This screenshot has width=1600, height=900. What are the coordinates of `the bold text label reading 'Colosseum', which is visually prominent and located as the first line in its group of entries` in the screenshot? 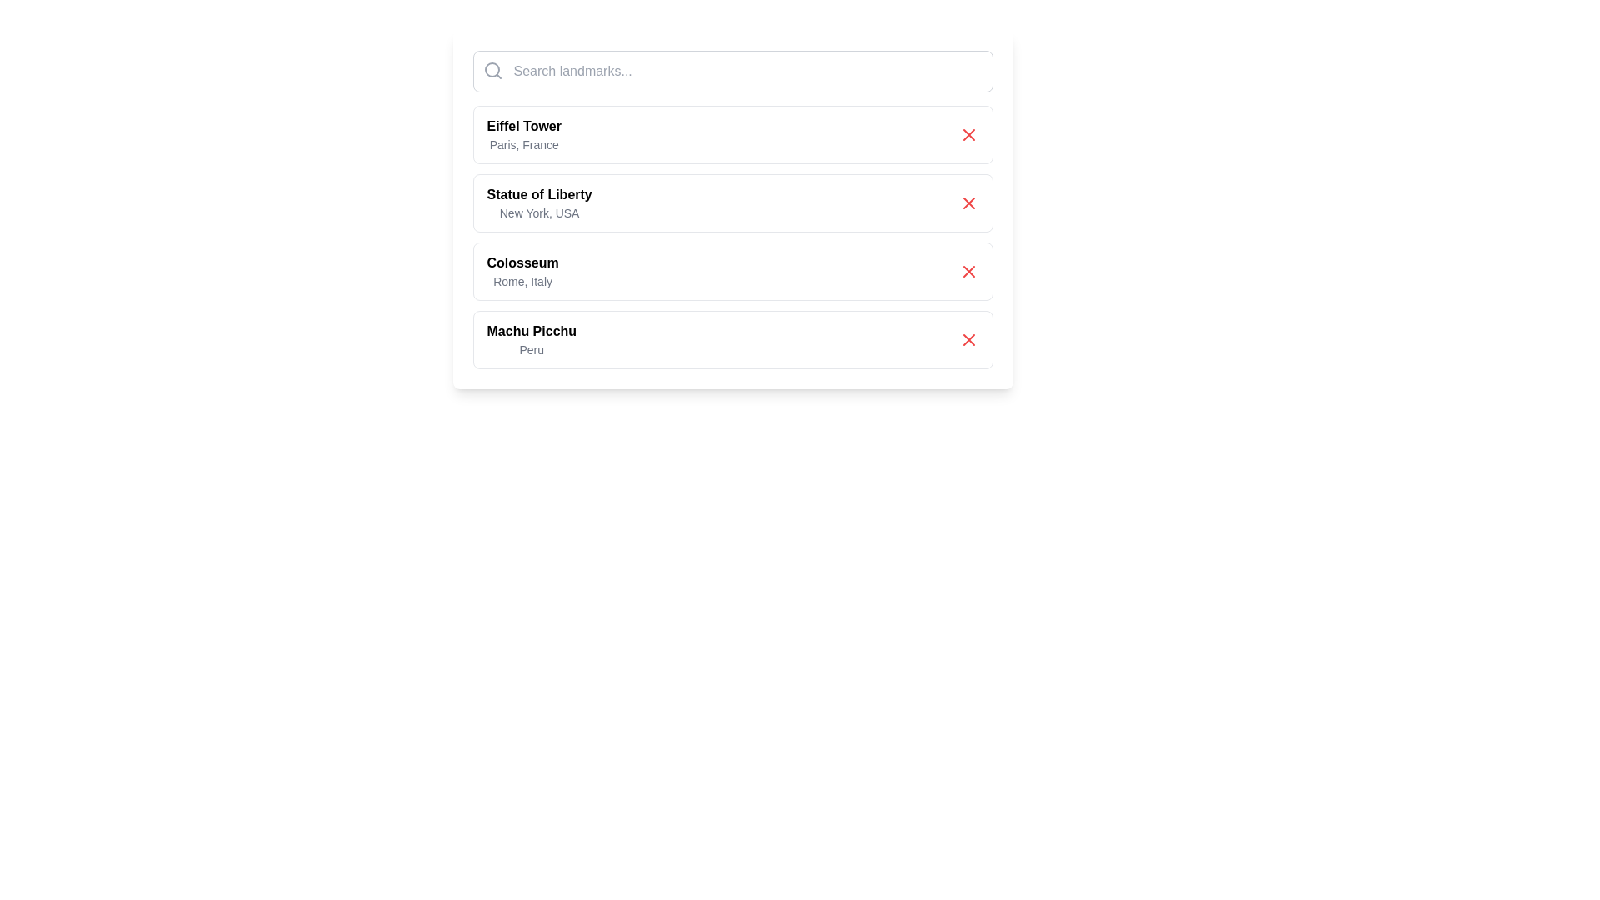 It's located at (522, 262).